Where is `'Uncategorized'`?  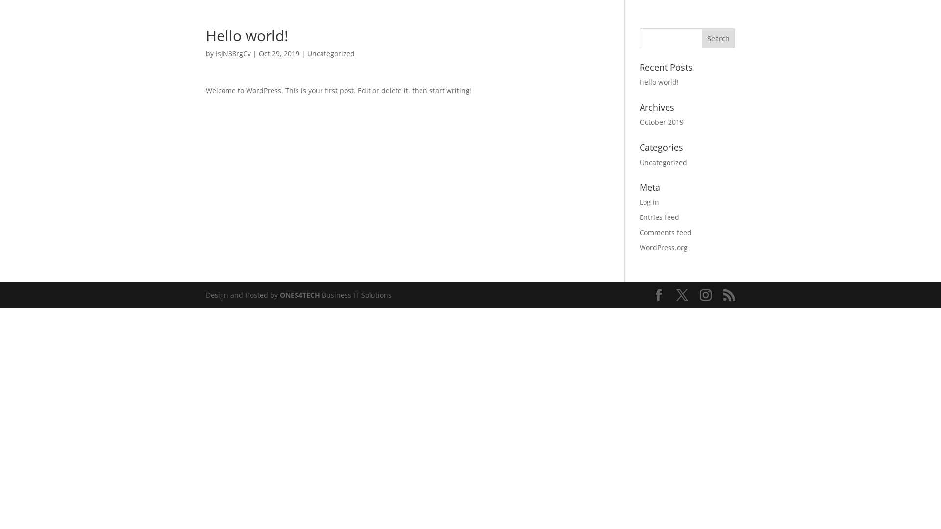 'Uncategorized' is located at coordinates (331, 53).